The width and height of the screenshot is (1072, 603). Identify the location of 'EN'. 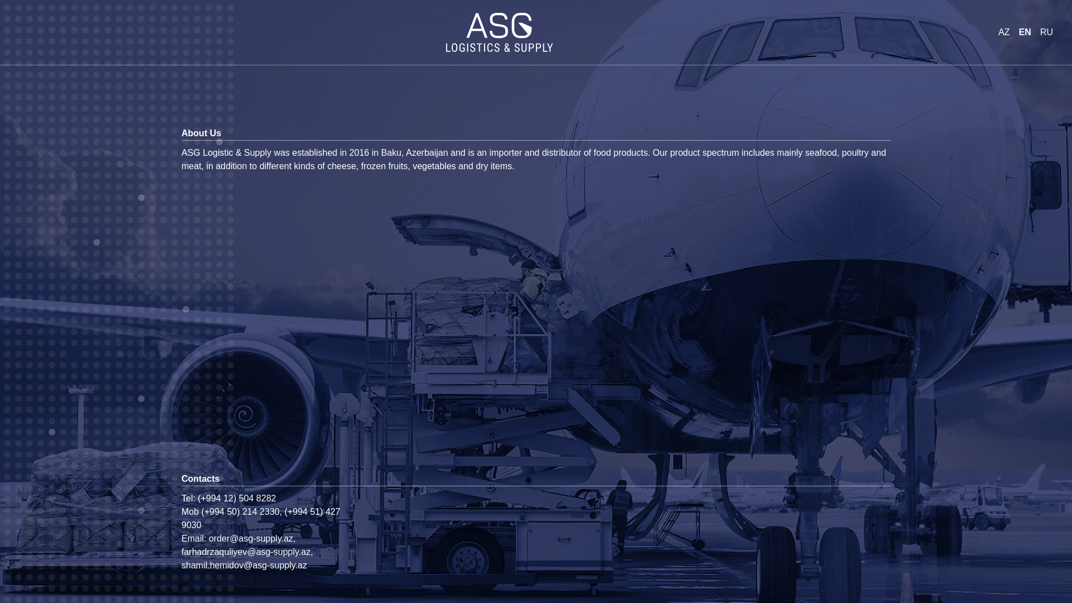
(1014, 31).